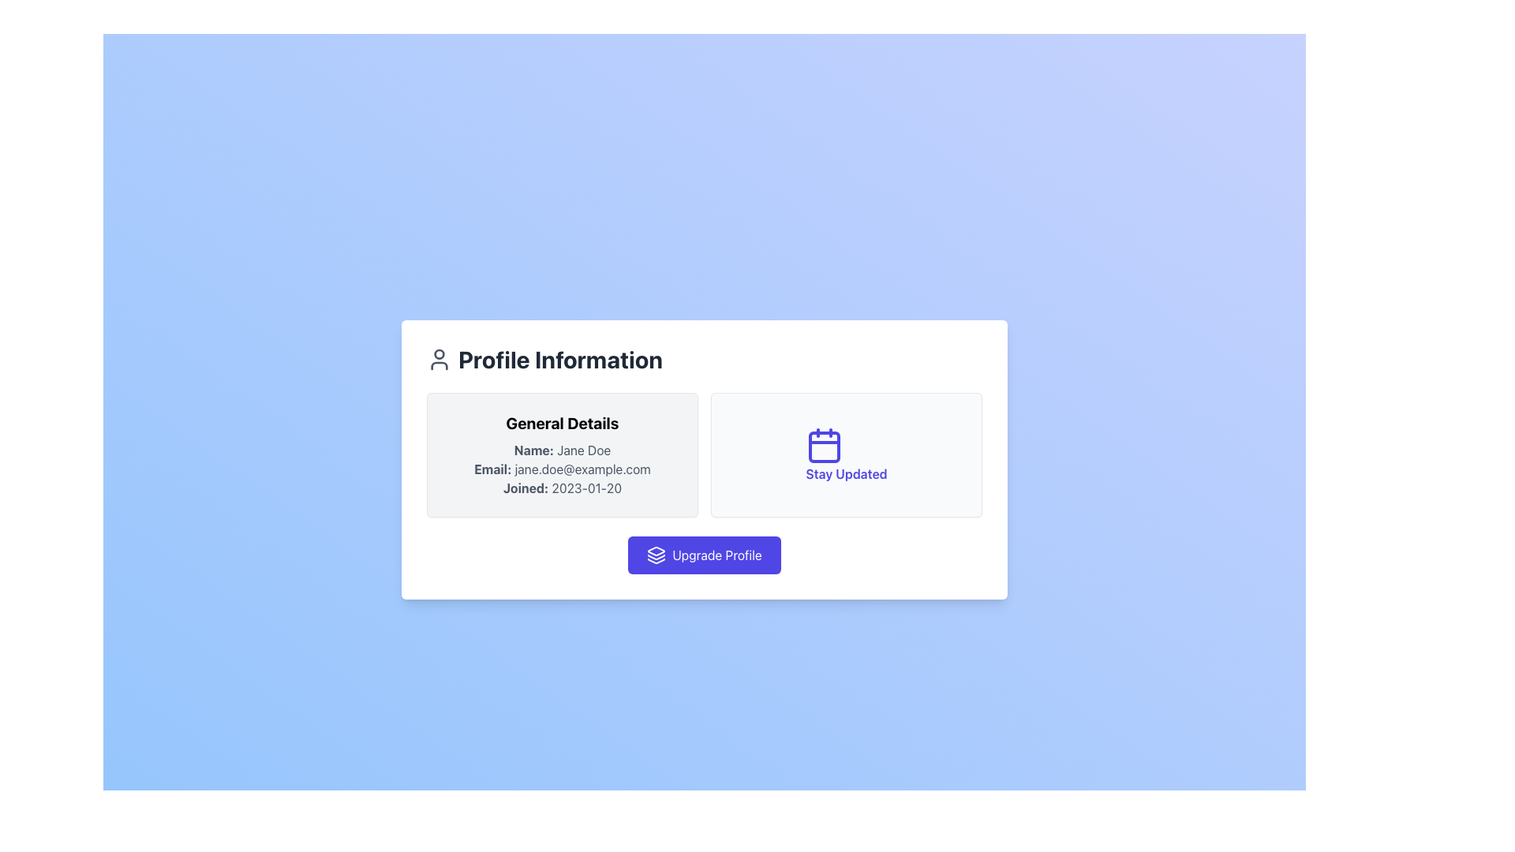  Describe the element at coordinates (703, 555) in the screenshot. I see `the upgrade profile button located at the bottom of the 'Profile Information' section for keyboard navigation` at that location.